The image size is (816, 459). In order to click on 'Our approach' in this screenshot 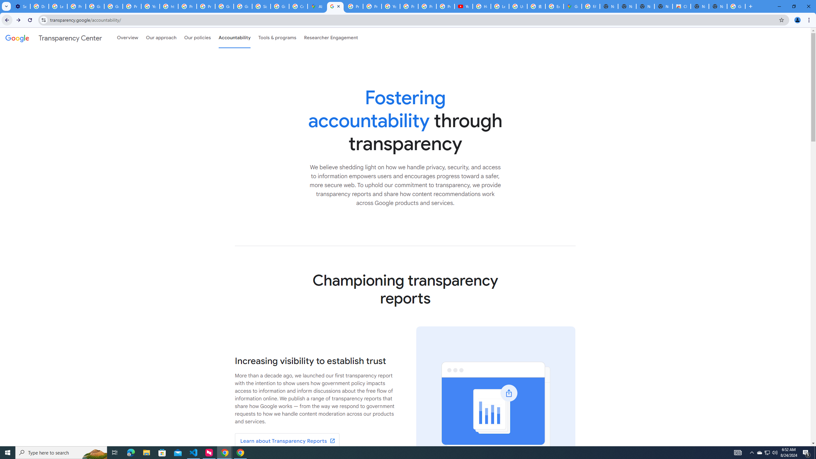, I will do `click(161, 38)`.